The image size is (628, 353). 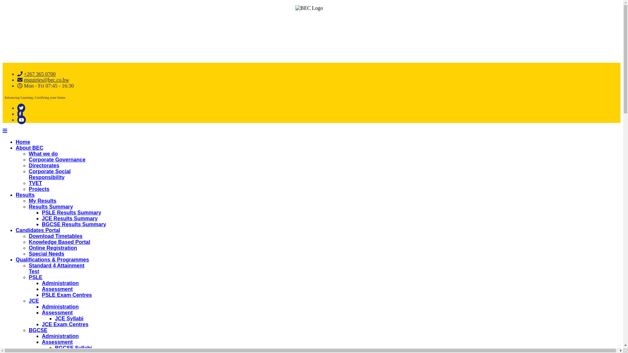 I want to click on 'PSLE Results Summary', so click(x=71, y=212).